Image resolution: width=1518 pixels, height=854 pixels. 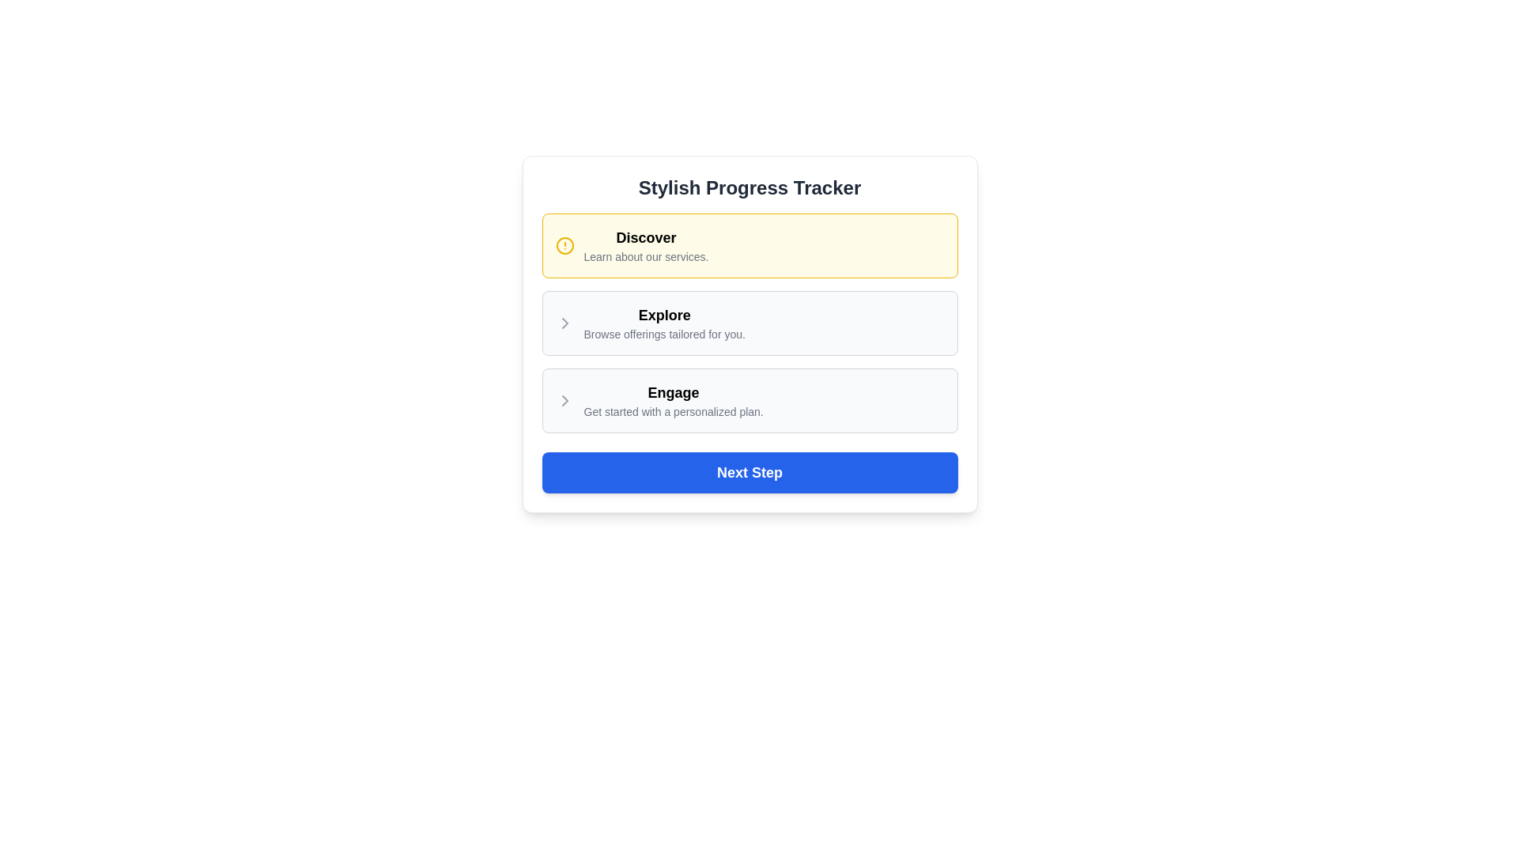 I want to click on the informational text displaying 'Browse offerings tailored for you.' located beneath the heading 'Explore', so click(x=664, y=334).